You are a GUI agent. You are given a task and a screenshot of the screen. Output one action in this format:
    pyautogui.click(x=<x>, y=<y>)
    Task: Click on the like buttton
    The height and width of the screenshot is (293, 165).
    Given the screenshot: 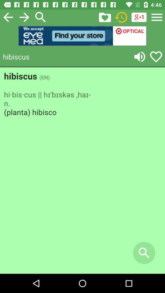 What is the action you would take?
    pyautogui.click(x=156, y=56)
    